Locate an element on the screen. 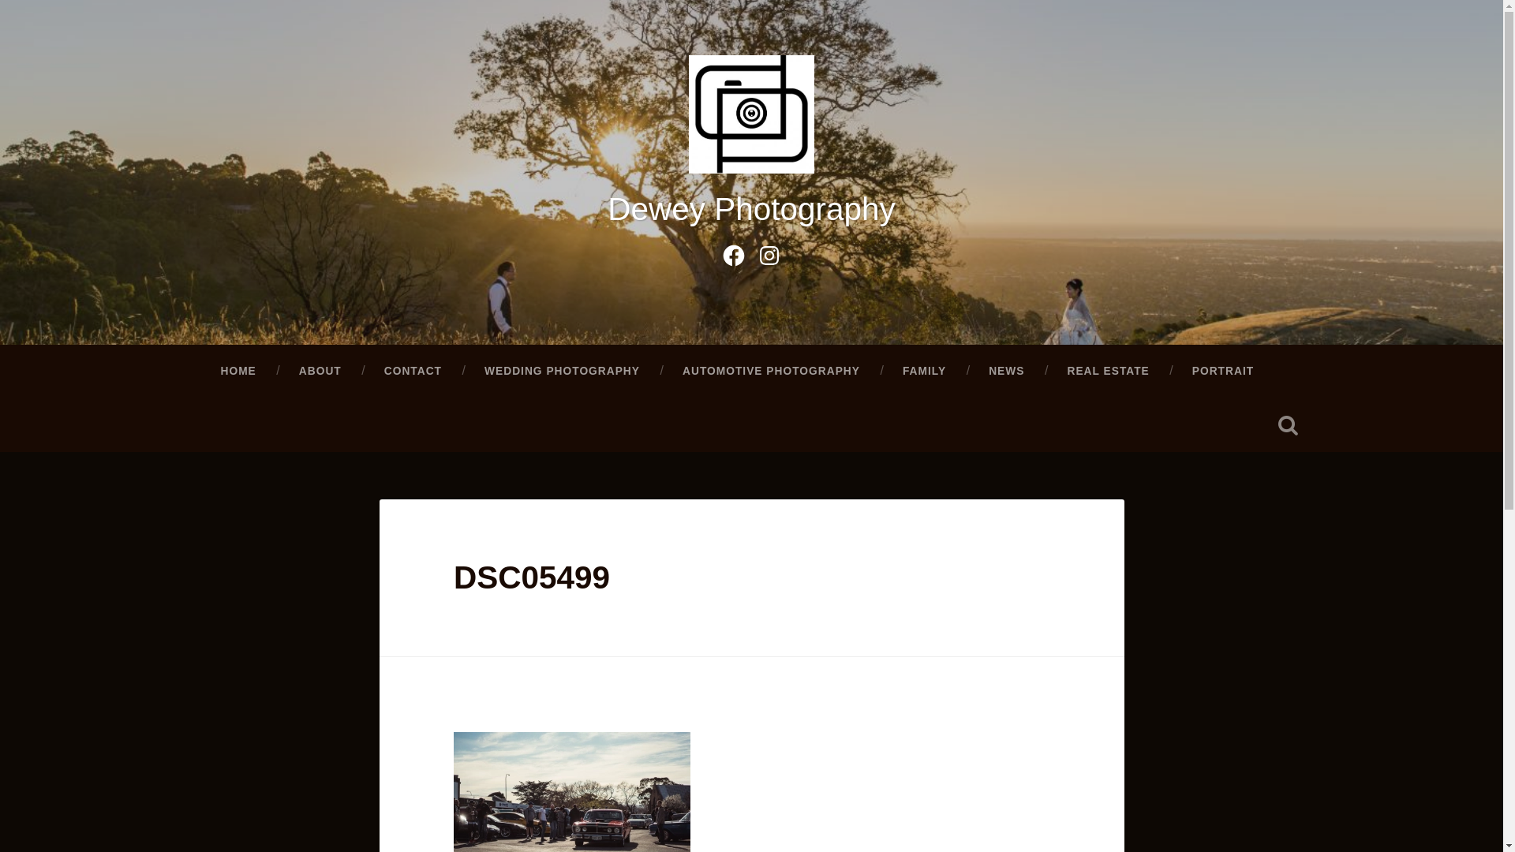 The height and width of the screenshot is (852, 1515). 'PORTRAIT' is located at coordinates (1222, 371).